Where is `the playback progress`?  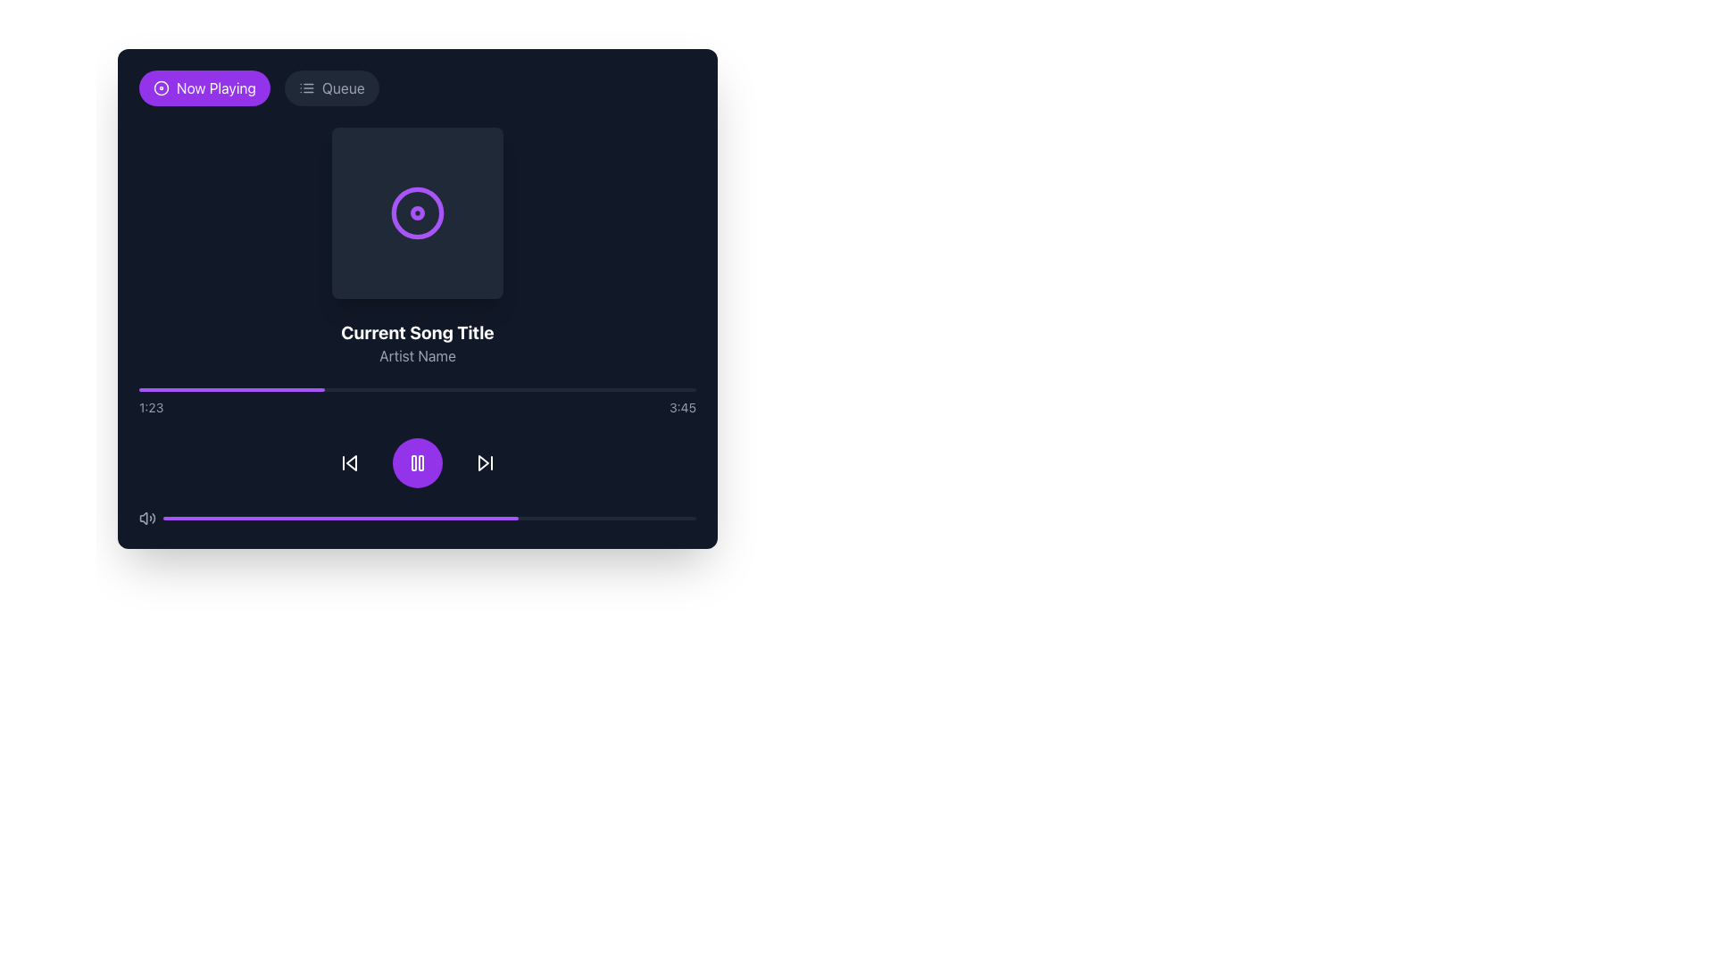 the playback progress is located at coordinates (334, 388).